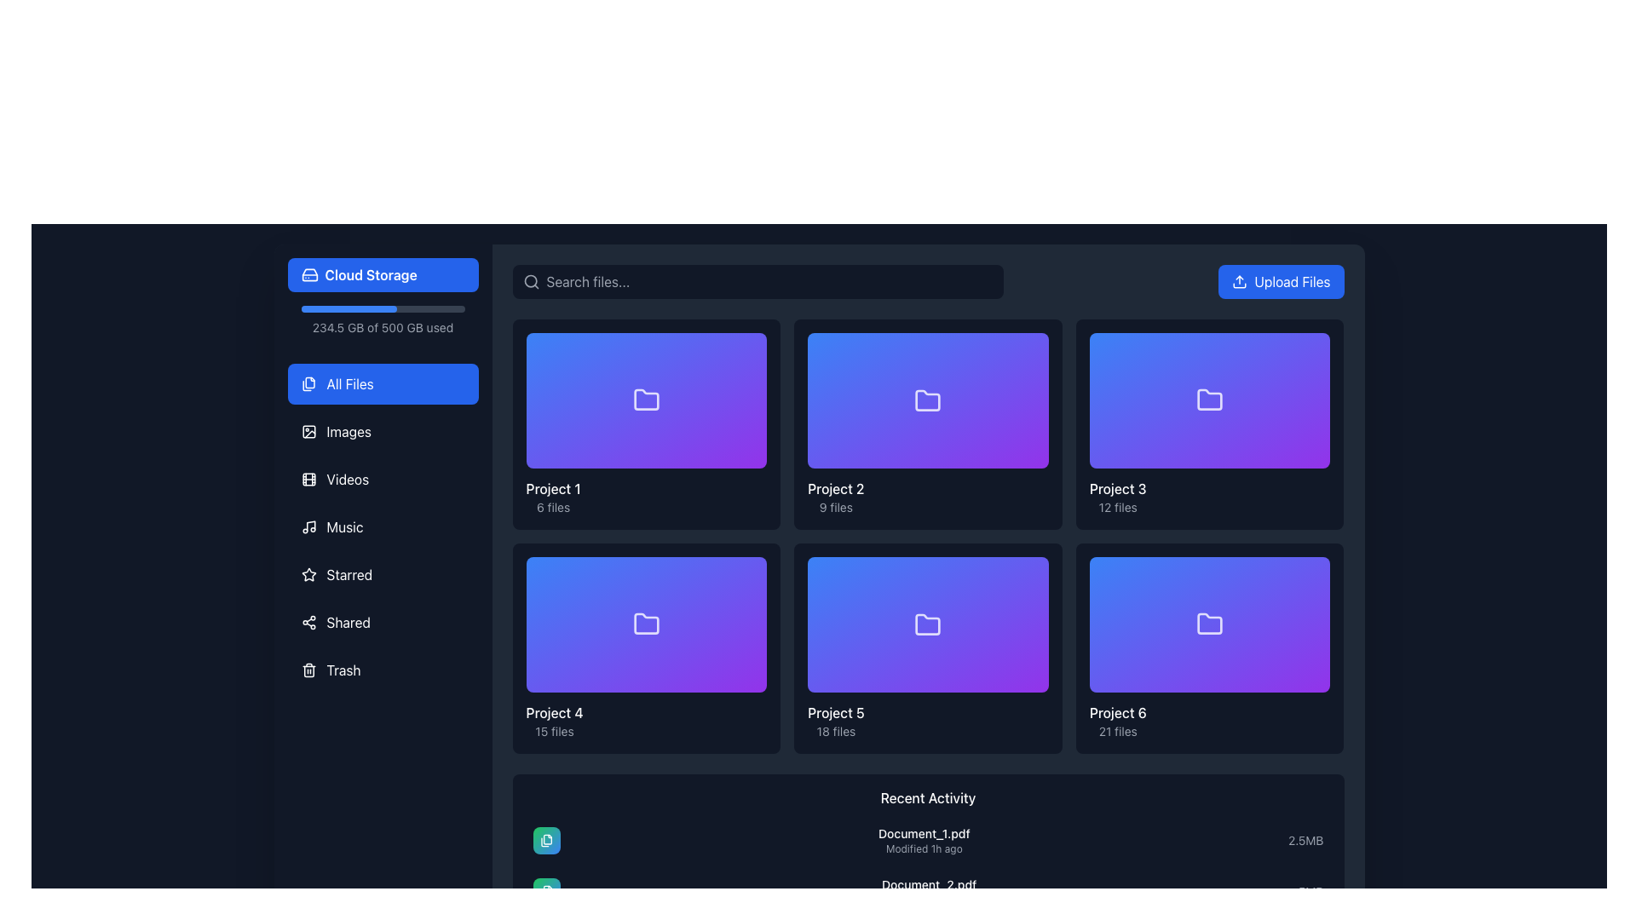 The height and width of the screenshot is (920, 1636). Describe the element at coordinates (928, 883) in the screenshot. I see `text displayed in the 'Document_2.pdf' label located in the 'Recent Activity' section of the dark-themed interface` at that location.